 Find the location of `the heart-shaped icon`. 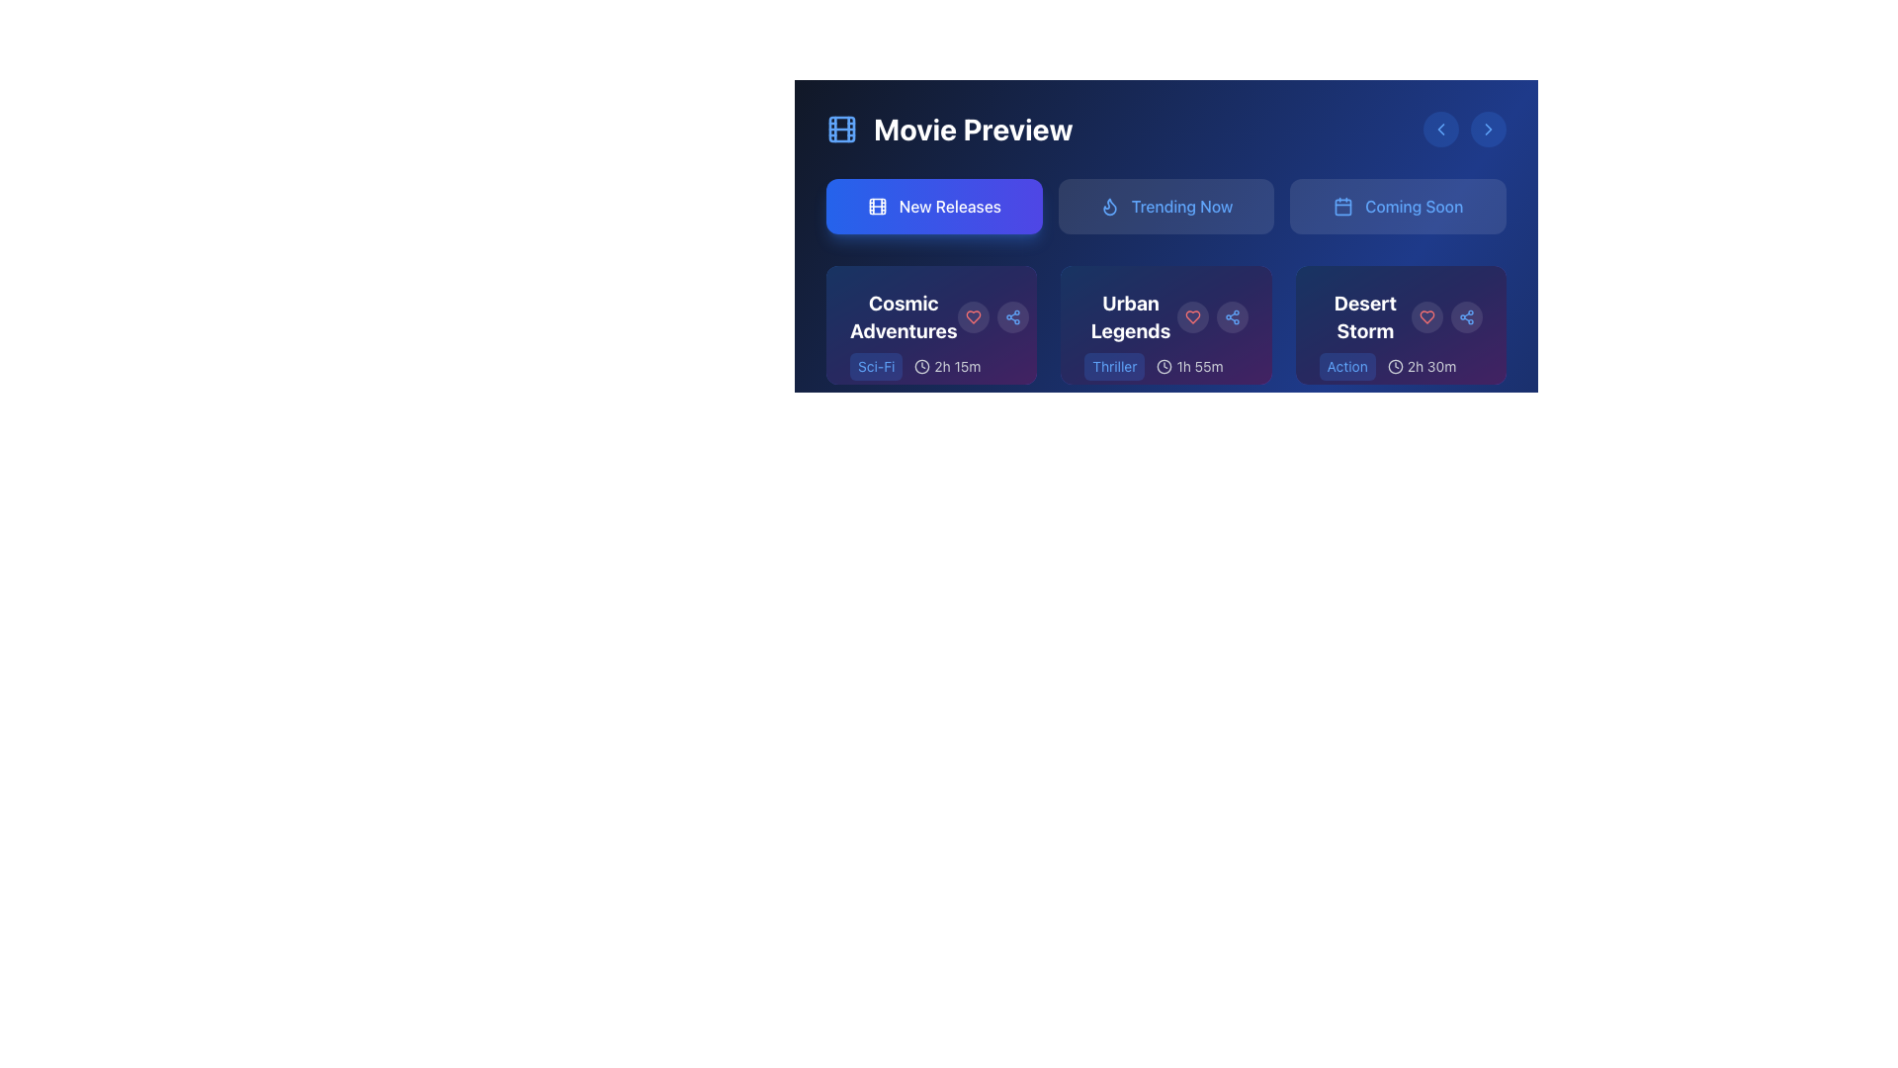

the heart-shaped icon is located at coordinates (973, 315).